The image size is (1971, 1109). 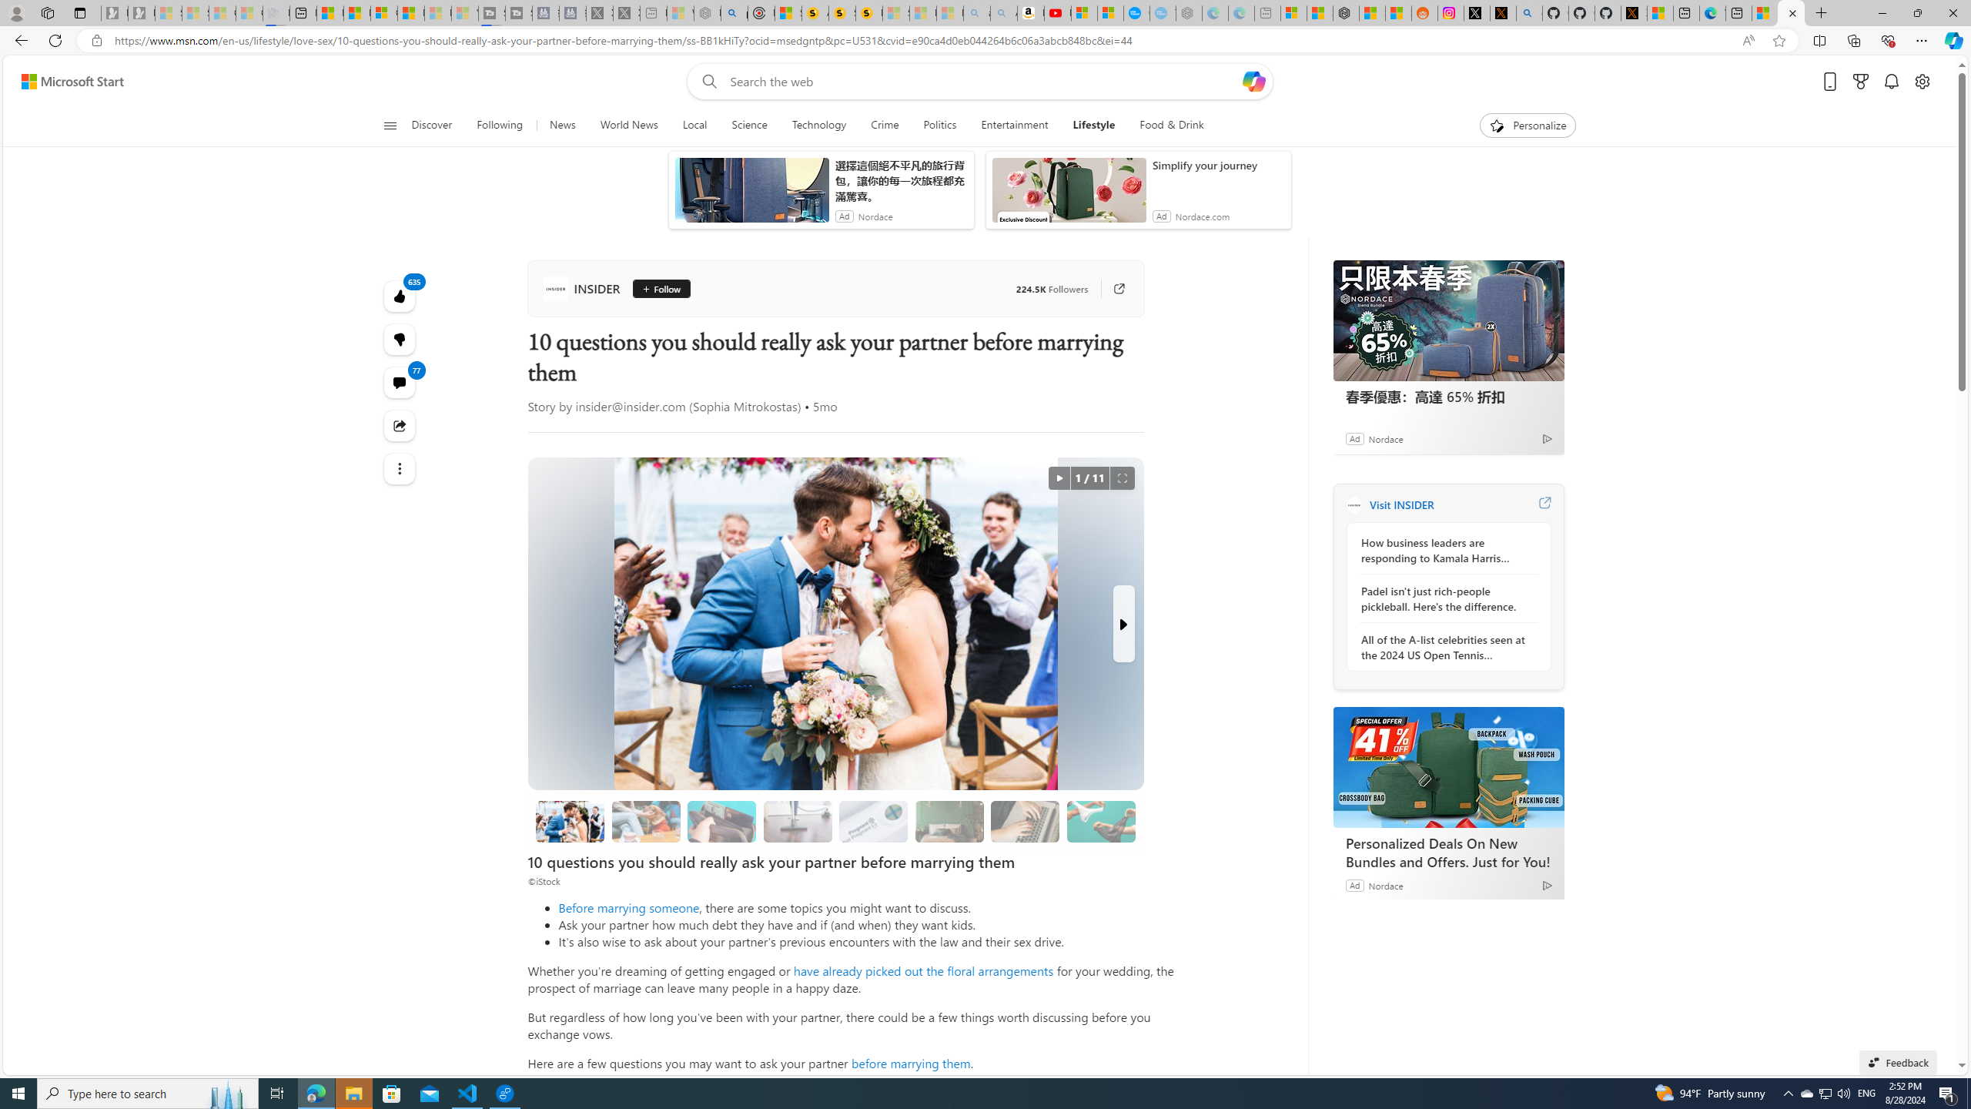 What do you see at coordinates (1162, 12) in the screenshot?
I see `'The most popular Google '` at bounding box center [1162, 12].